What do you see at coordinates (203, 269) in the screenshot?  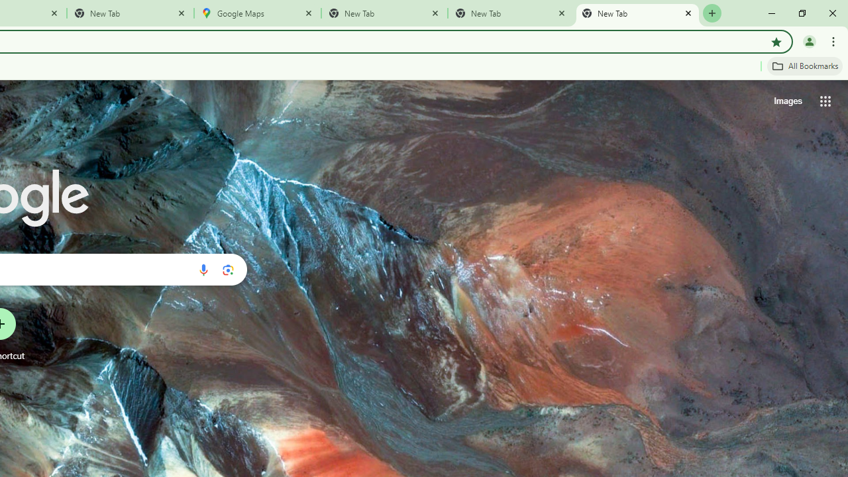 I see `'Search by voice'` at bounding box center [203, 269].